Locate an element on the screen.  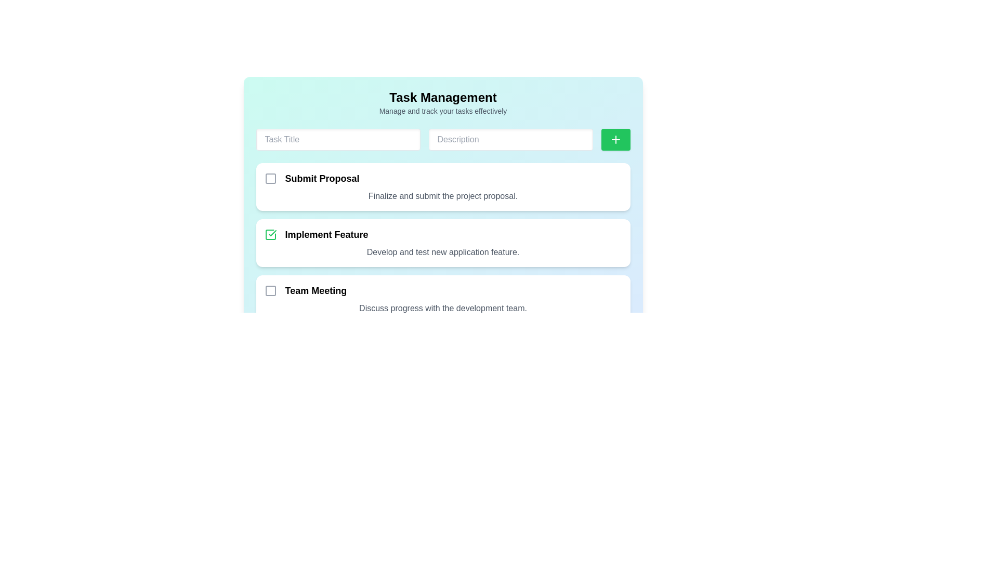
the task label element displaying the text 'Implement Feature' is located at coordinates (316, 234).